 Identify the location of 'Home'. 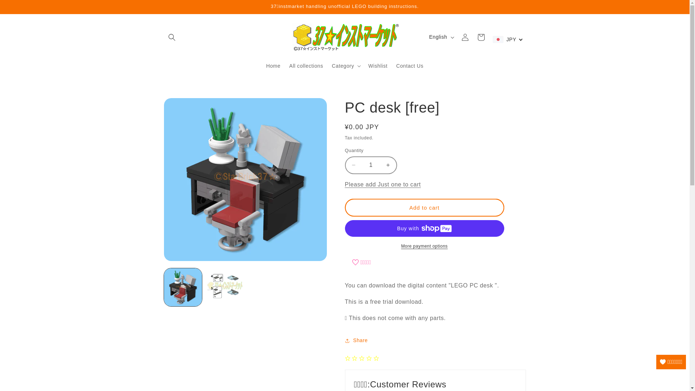
(273, 66).